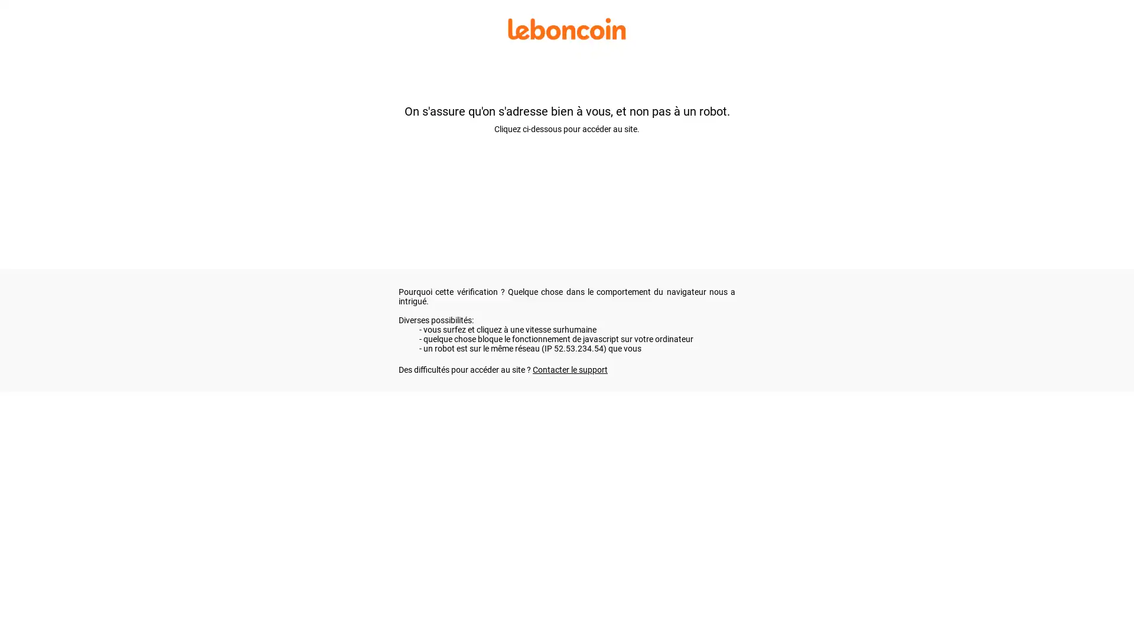 The image size is (1134, 637). Describe the element at coordinates (854, 326) in the screenshot. I see `Suivant` at that location.